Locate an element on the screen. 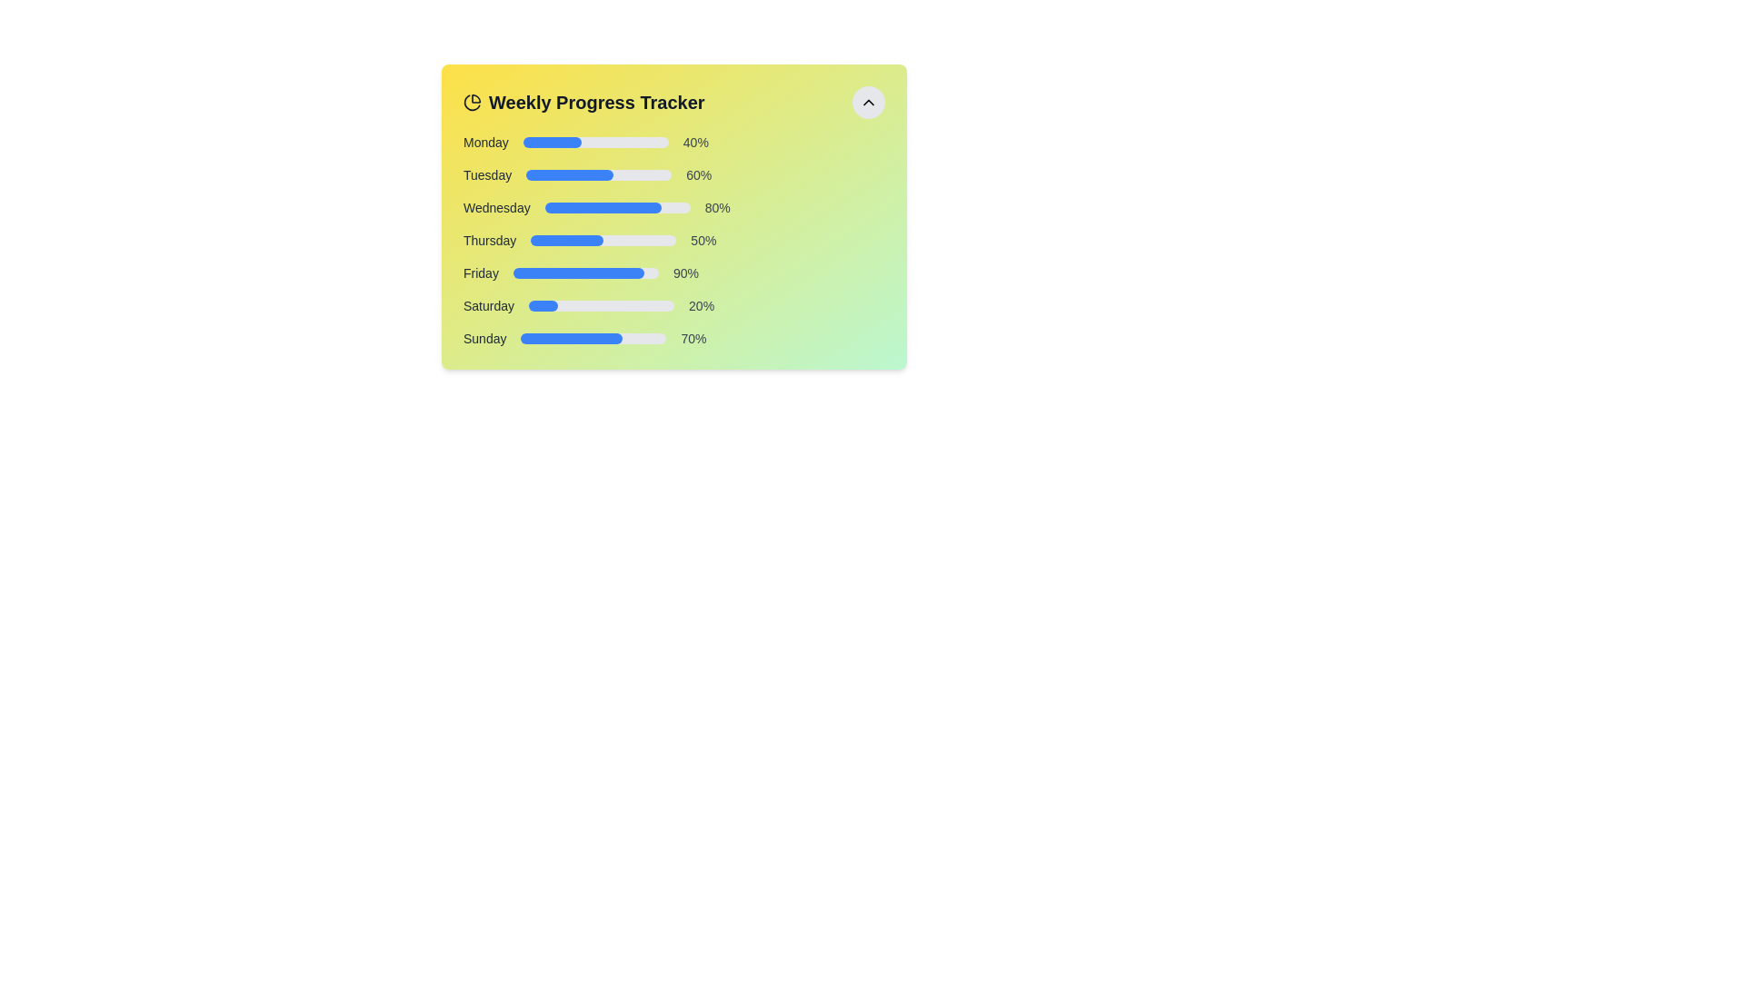  the progress value represented by the Progress Bar located in the 'Sunday' row of the 'Weekly Progress Tracker' block, which visually indicates 70% progress is located at coordinates (571, 339).